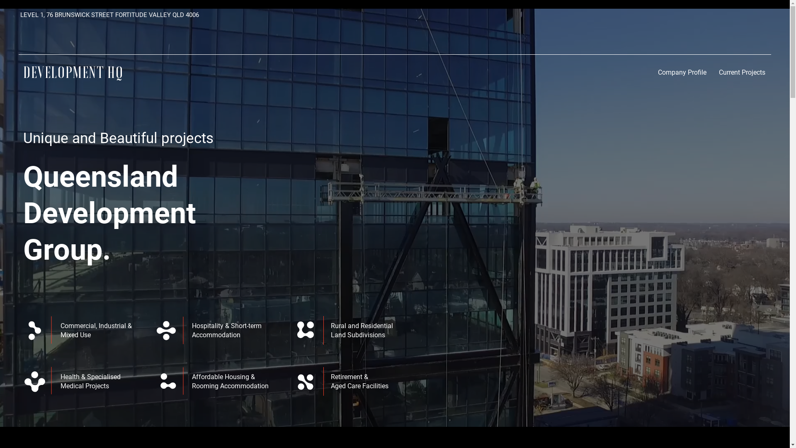 The image size is (796, 448). I want to click on 'Current Projects', so click(742, 72).